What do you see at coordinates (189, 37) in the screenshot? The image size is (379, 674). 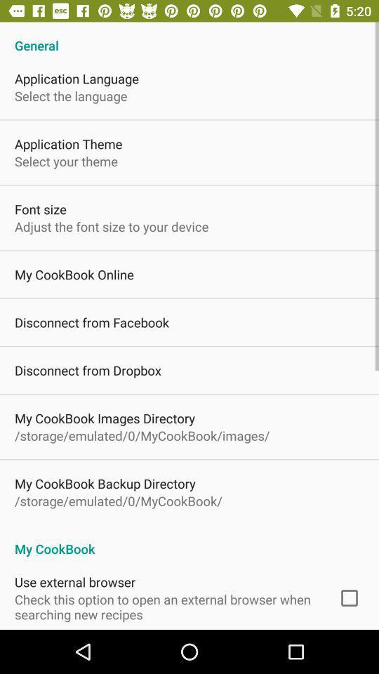 I see `the general app` at bounding box center [189, 37].